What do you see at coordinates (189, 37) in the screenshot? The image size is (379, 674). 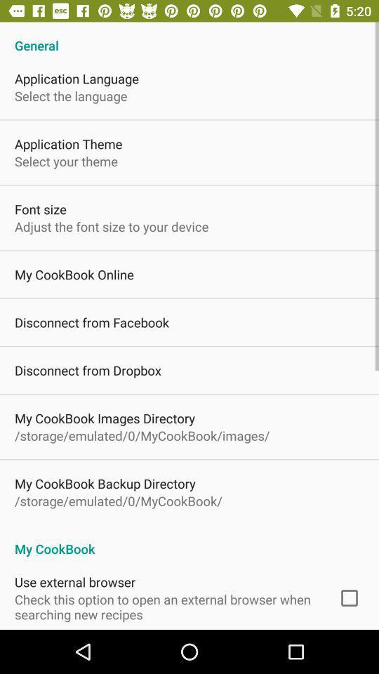 I see `the general app` at bounding box center [189, 37].